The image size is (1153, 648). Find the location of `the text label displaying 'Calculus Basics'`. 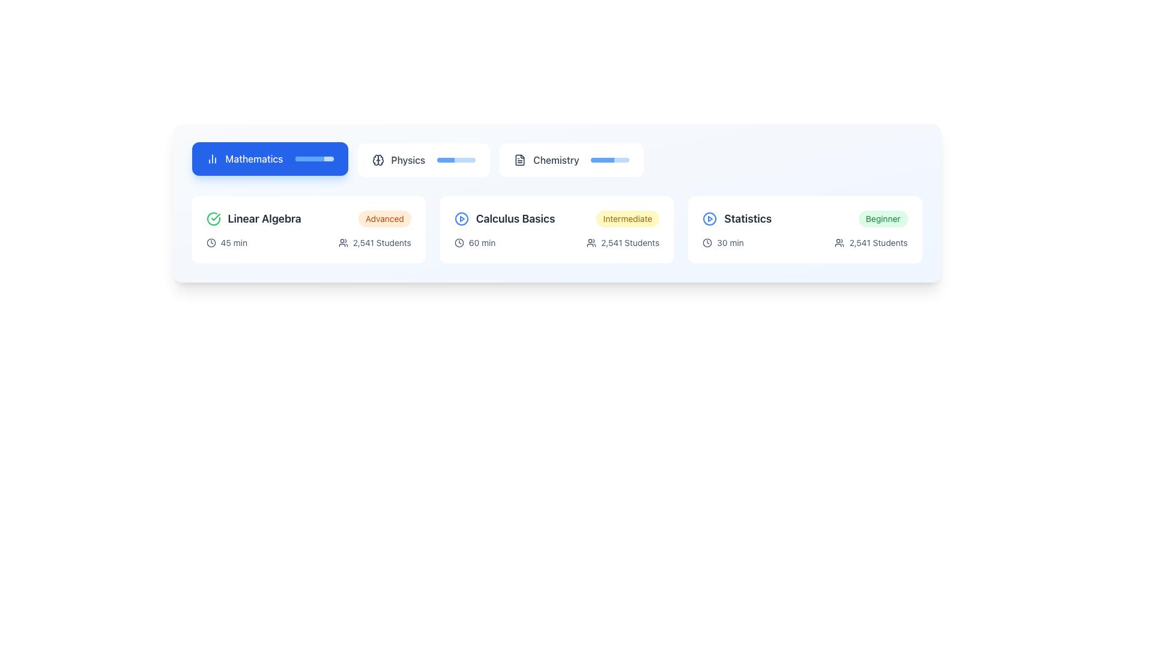

the text label displaying 'Calculus Basics' is located at coordinates (515, 219).